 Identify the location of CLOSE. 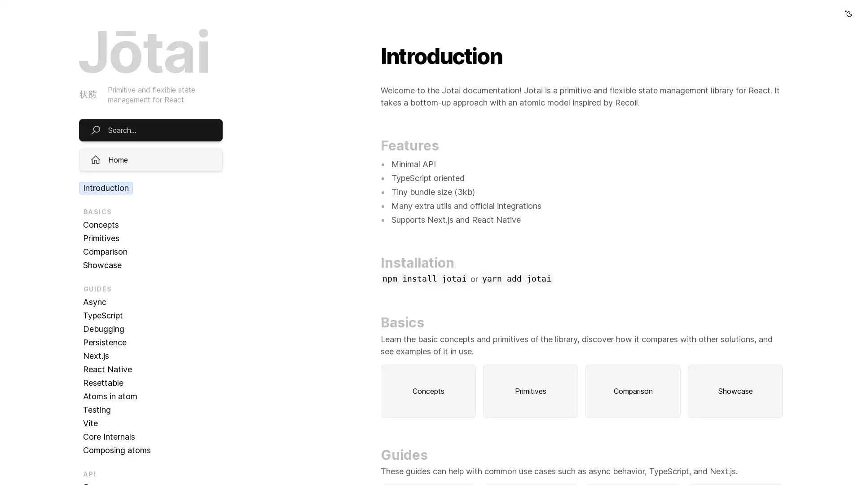
(800, 445).